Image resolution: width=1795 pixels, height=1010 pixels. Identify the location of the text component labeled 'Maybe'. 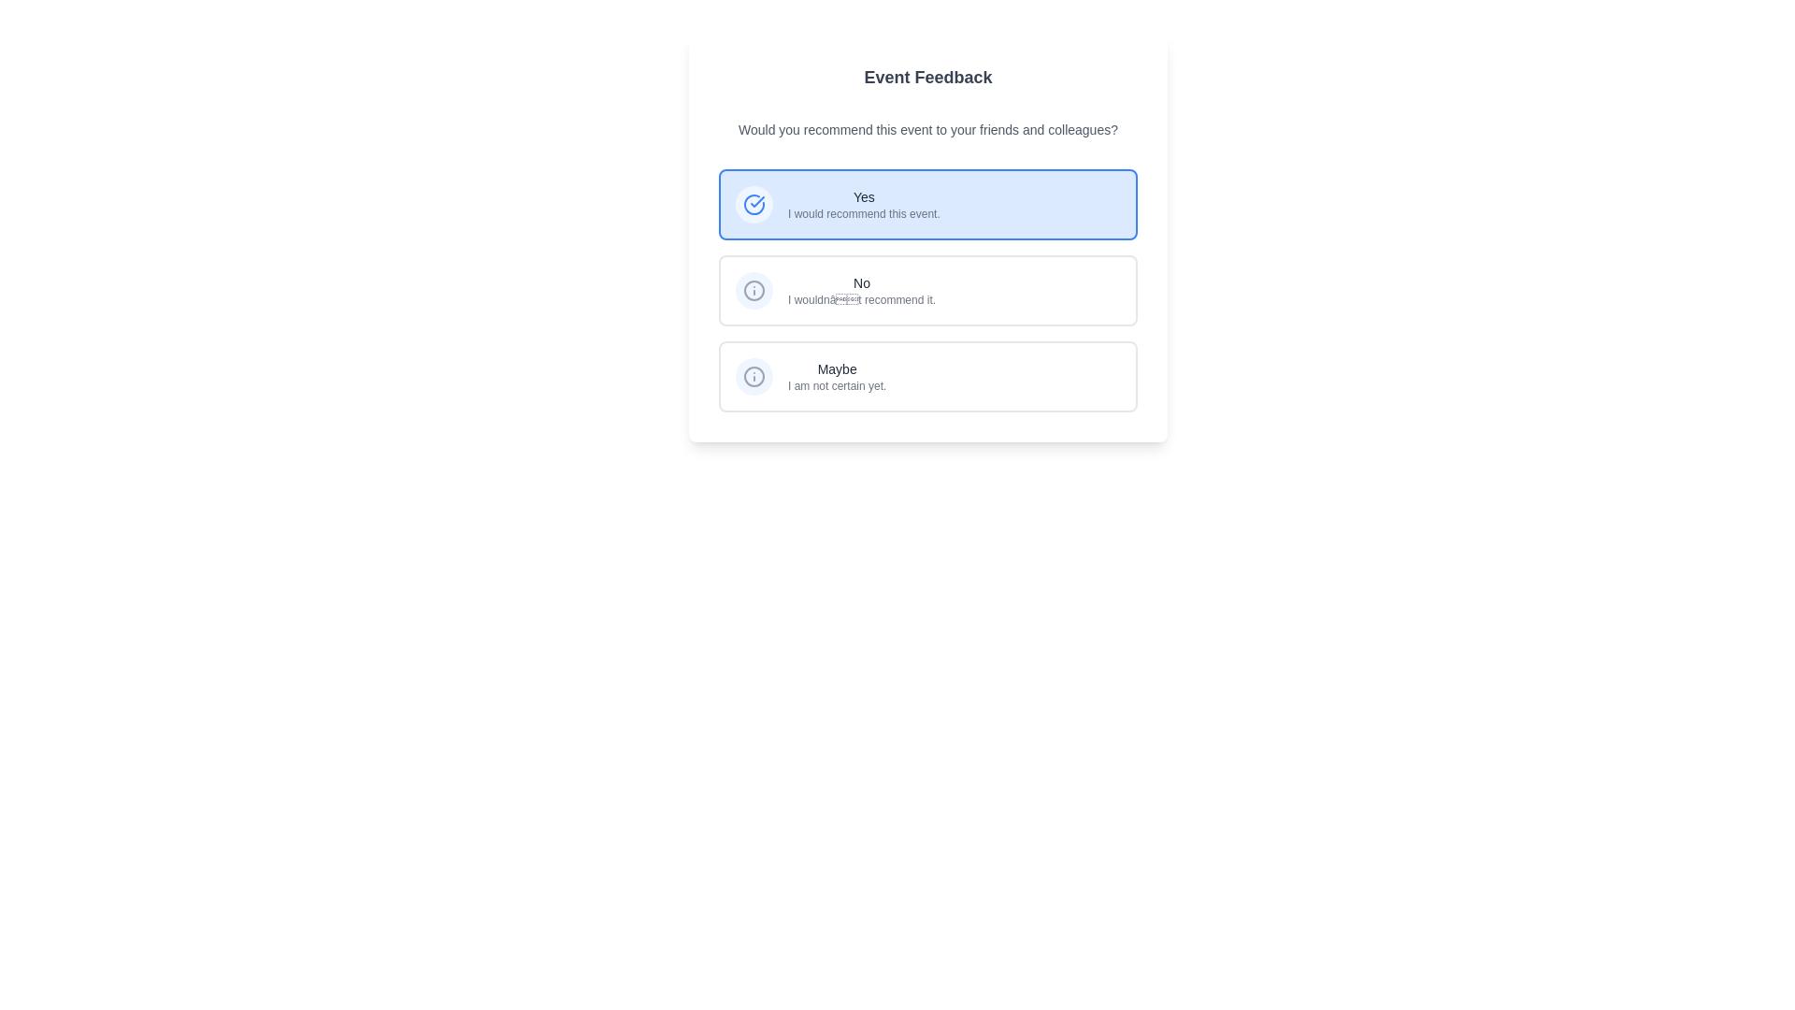
(836, 376).